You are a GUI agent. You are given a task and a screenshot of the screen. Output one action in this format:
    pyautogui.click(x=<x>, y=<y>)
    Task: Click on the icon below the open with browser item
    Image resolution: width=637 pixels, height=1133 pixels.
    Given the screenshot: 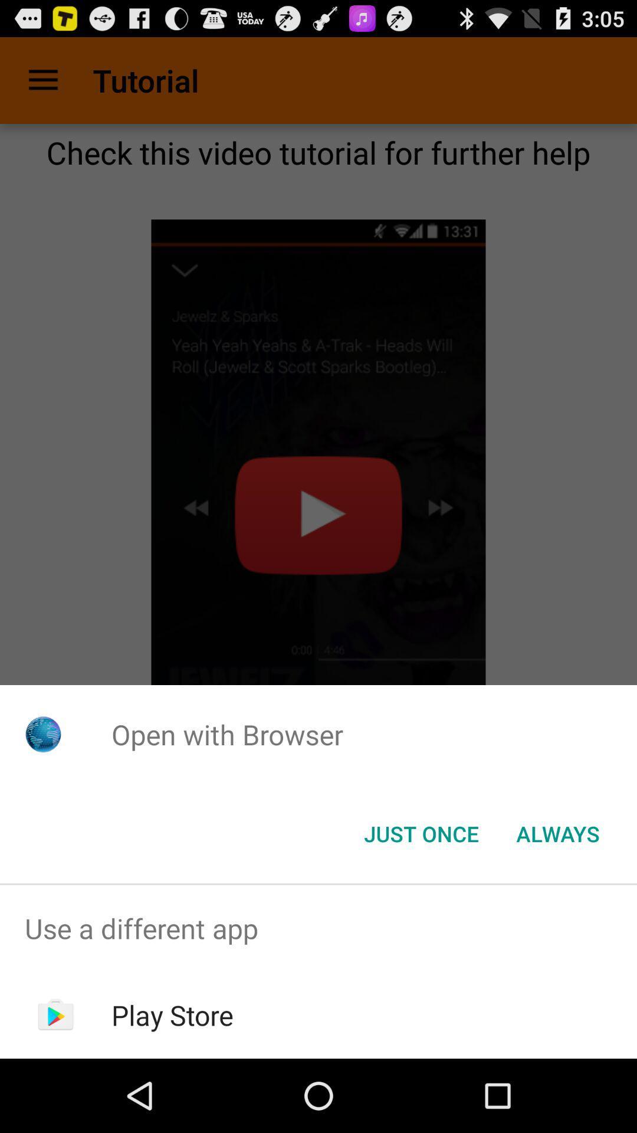 What is the action you would take?
    pyautogui.click(x=421, y=833)
    